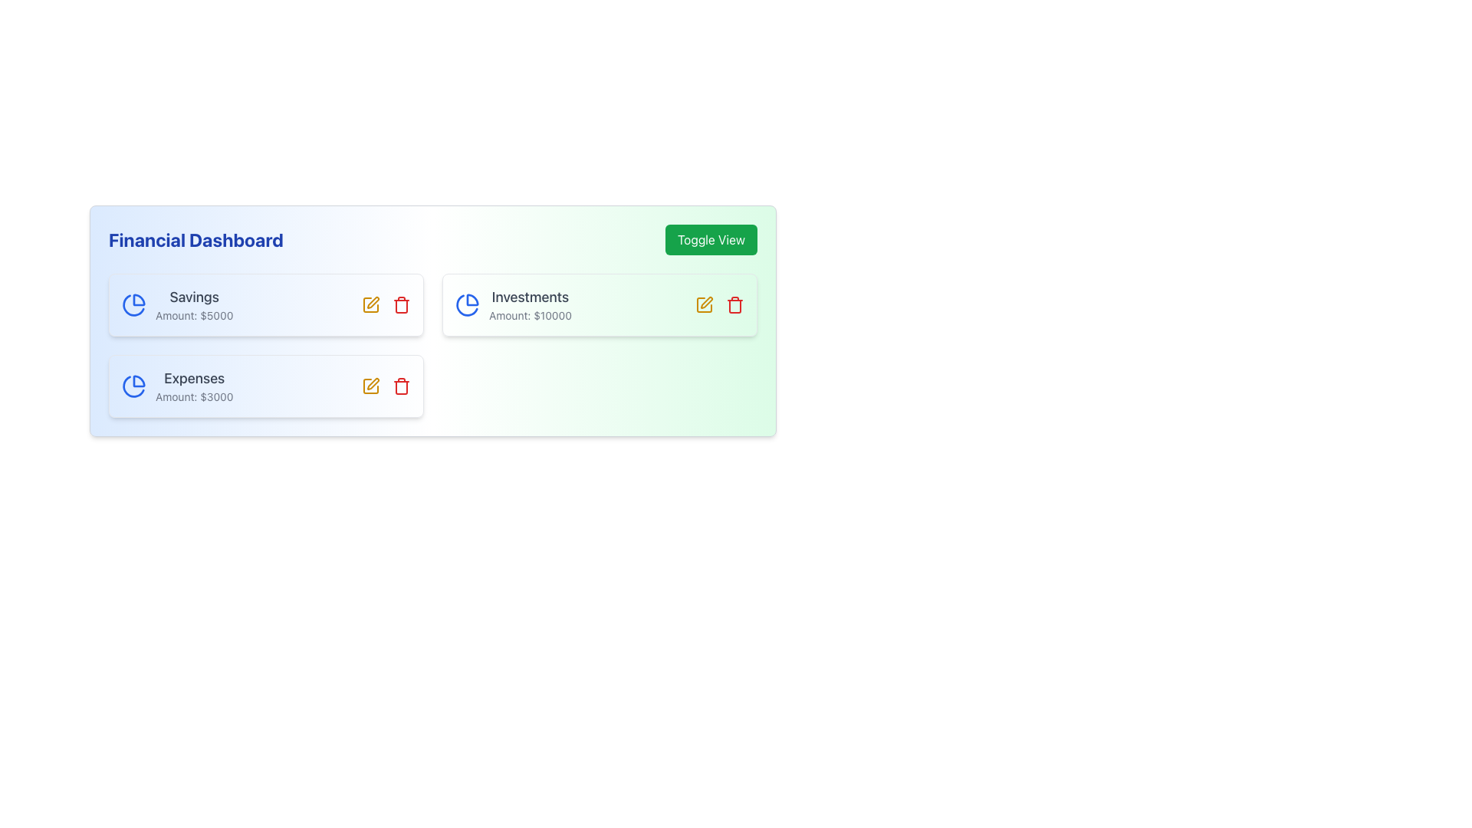 This screenshot has height=828, width=1472. Describe the element at coordinates (193, 396) in the screenshot. I see `the text label indicating the amount of $3000 associated with the 'Expenses' category, which is positioned directly below the title 'Expenses' in the financial dashboard` at that location.